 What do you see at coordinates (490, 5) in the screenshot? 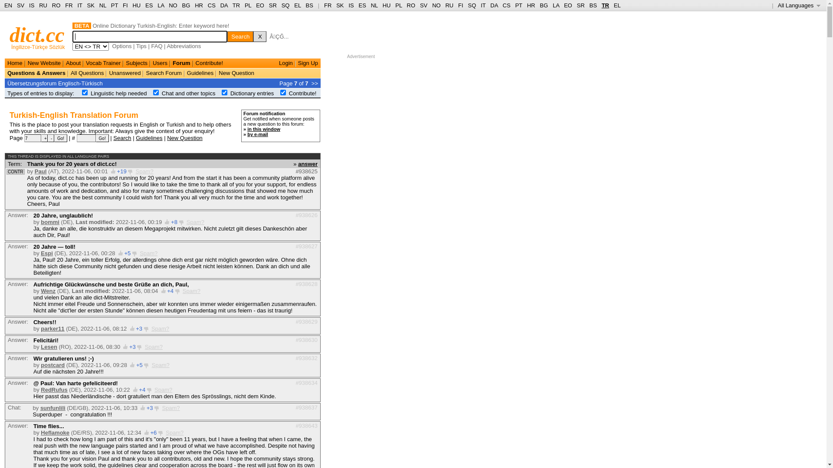
I see `'DA'` at bounding box center [490, 5].